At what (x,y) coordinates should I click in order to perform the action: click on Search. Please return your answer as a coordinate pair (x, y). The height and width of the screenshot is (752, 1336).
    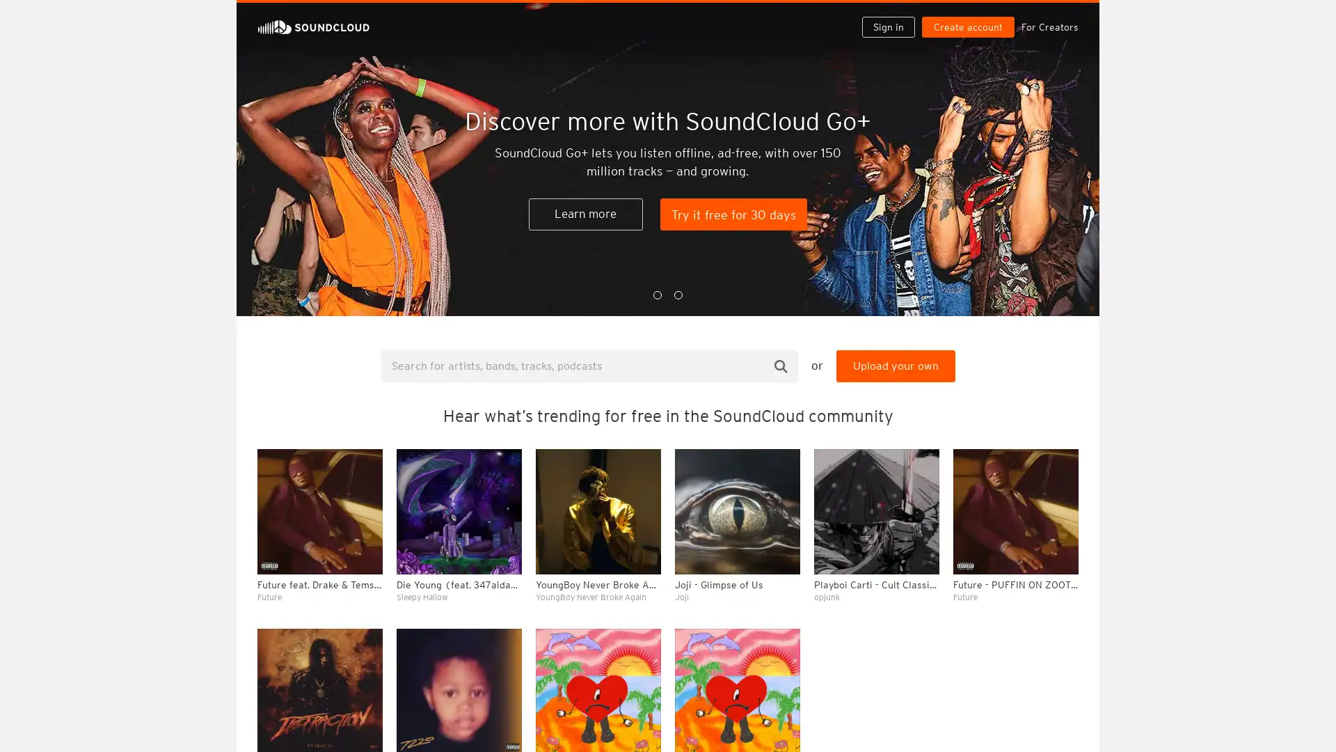
    Looking at the image, I should click on (781, 365).